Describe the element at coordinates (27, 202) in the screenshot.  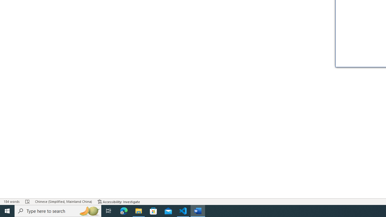
I see `'Spelling and Grammar Check Errors'` at that location.